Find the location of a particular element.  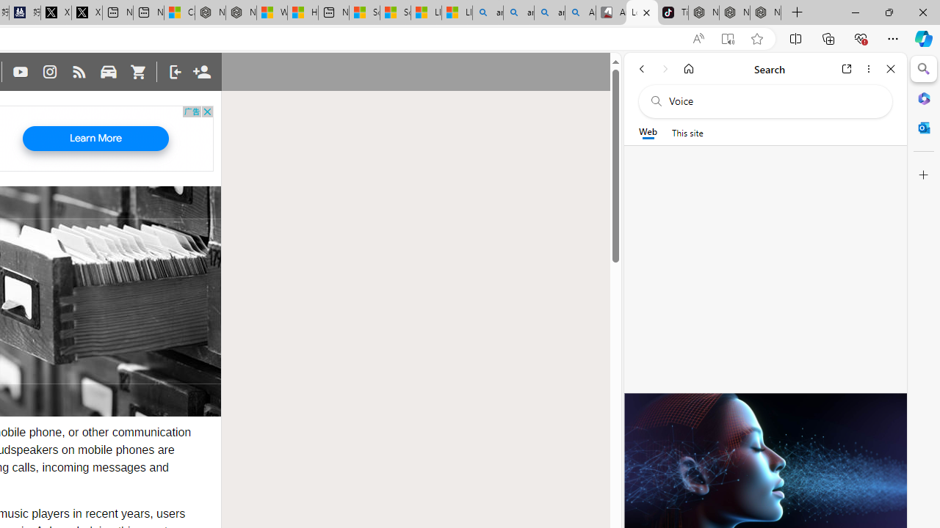

'Learn More' is located at coordinates (94, 139).